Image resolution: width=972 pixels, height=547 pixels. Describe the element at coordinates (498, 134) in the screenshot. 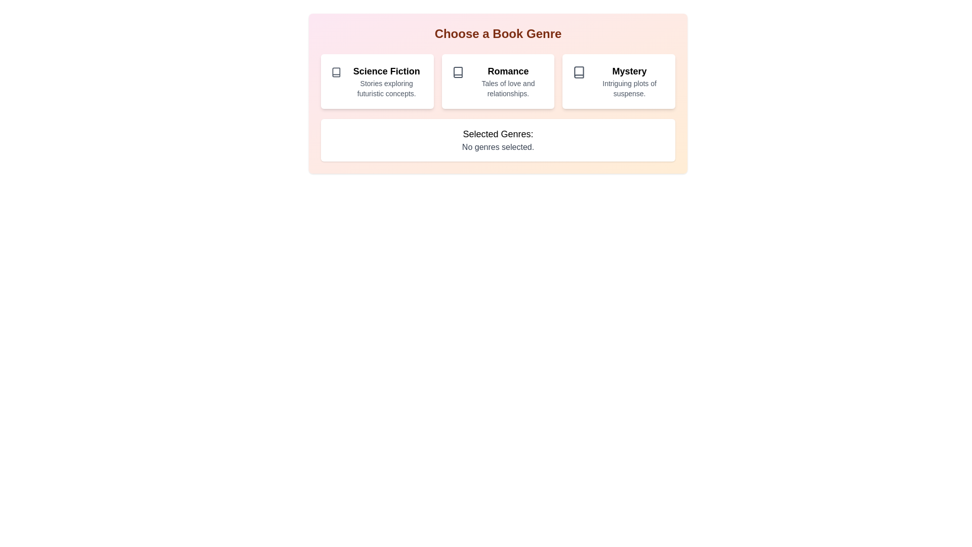

I see `the static text label indicating the purpose of the content that follows, which lists the currently selected genres` at that location.